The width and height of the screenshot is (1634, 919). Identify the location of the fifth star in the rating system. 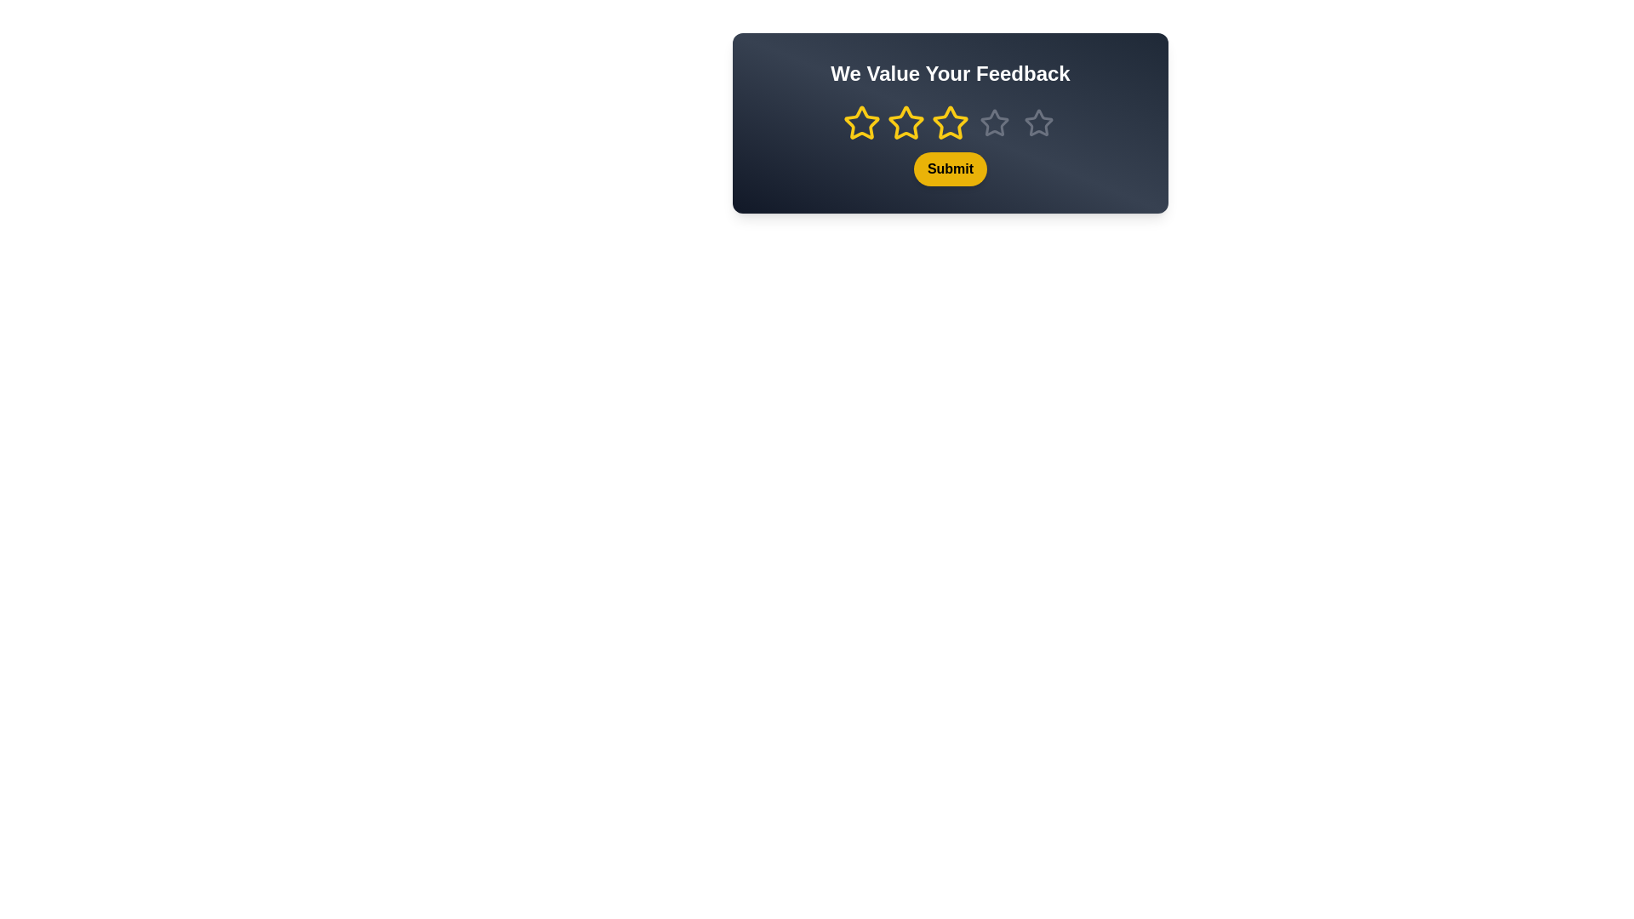
(1037, 123).